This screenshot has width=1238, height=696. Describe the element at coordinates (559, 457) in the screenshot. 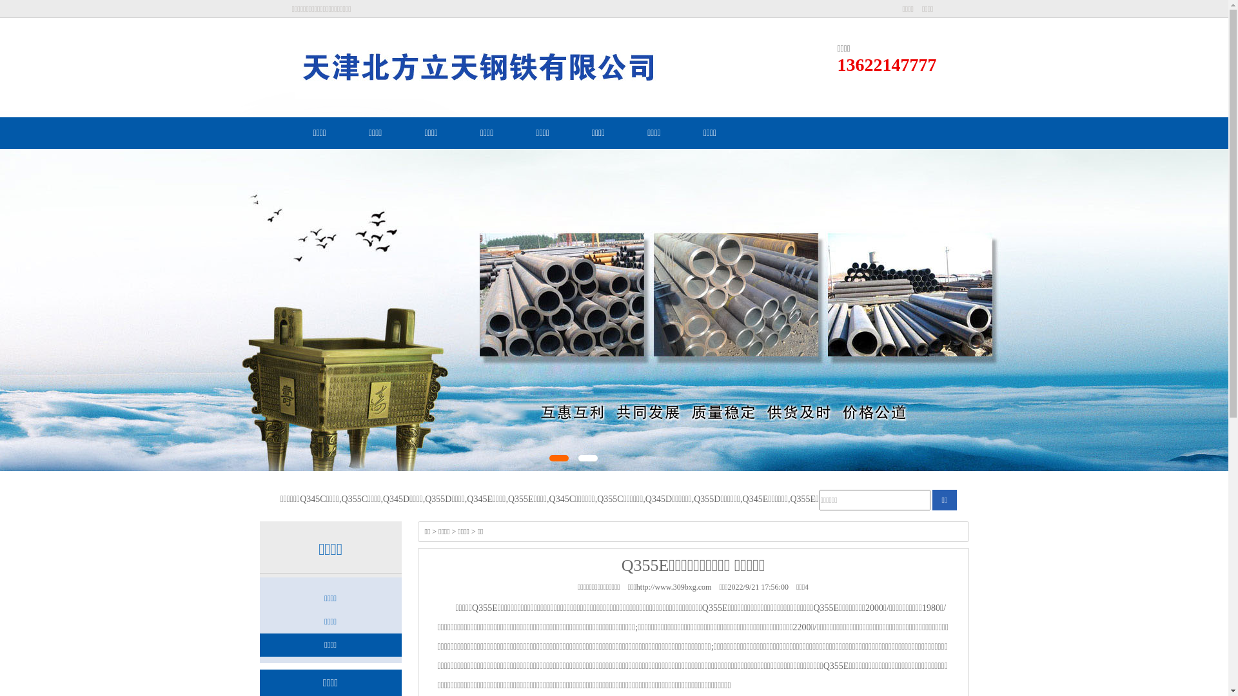

I see `'1'` at that location.